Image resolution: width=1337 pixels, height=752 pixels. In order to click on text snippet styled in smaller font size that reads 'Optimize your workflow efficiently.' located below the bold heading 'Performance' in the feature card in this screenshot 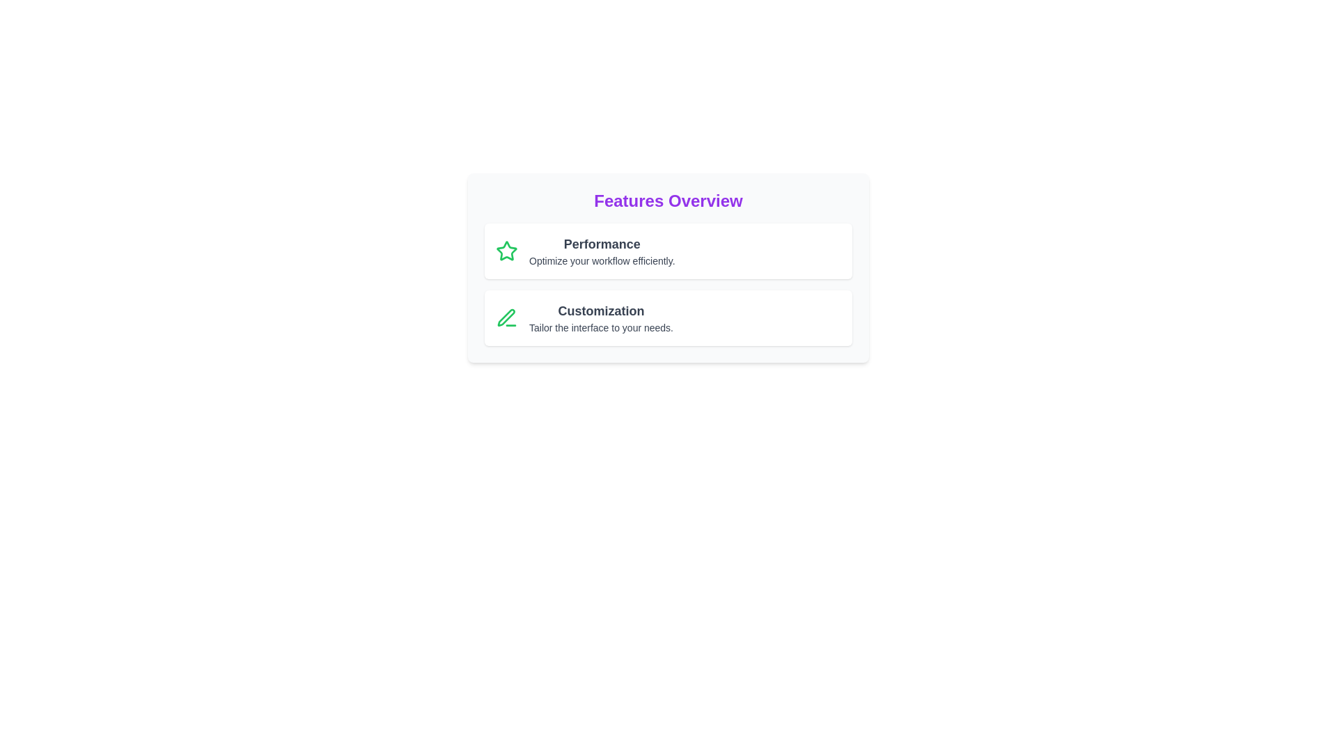, I will do `click(602, 260)`.